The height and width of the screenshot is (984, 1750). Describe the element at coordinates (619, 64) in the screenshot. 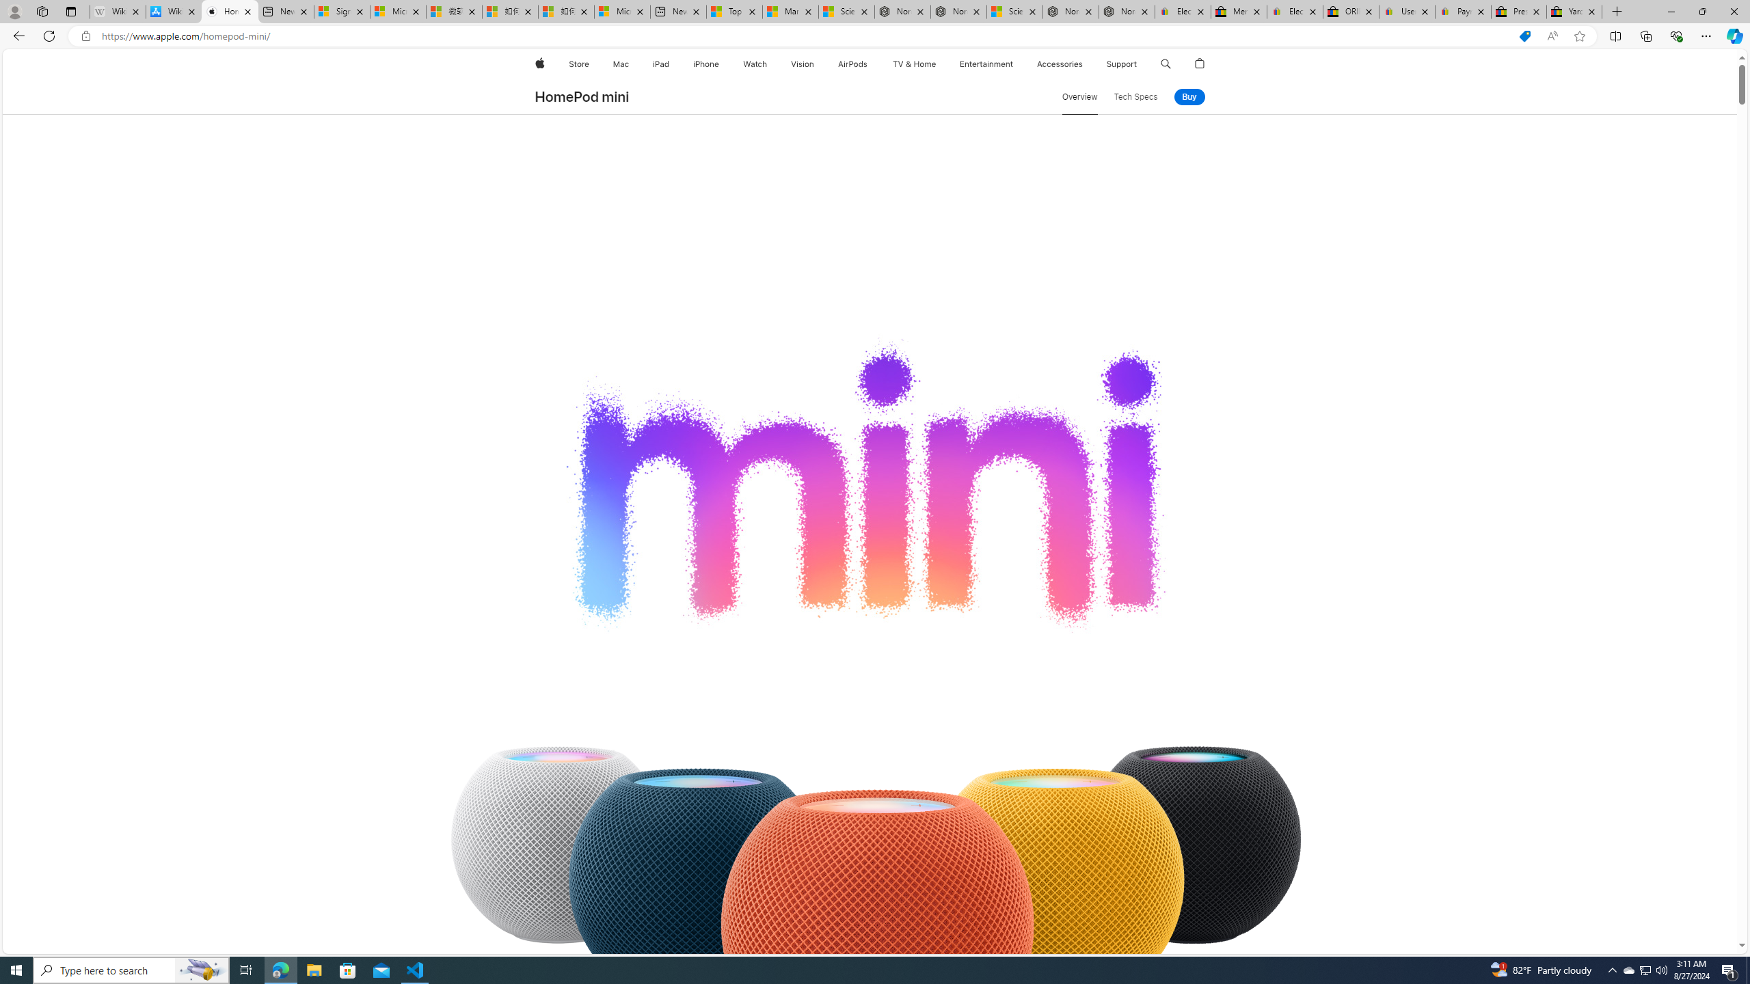

I see `'Mac'` at that location.